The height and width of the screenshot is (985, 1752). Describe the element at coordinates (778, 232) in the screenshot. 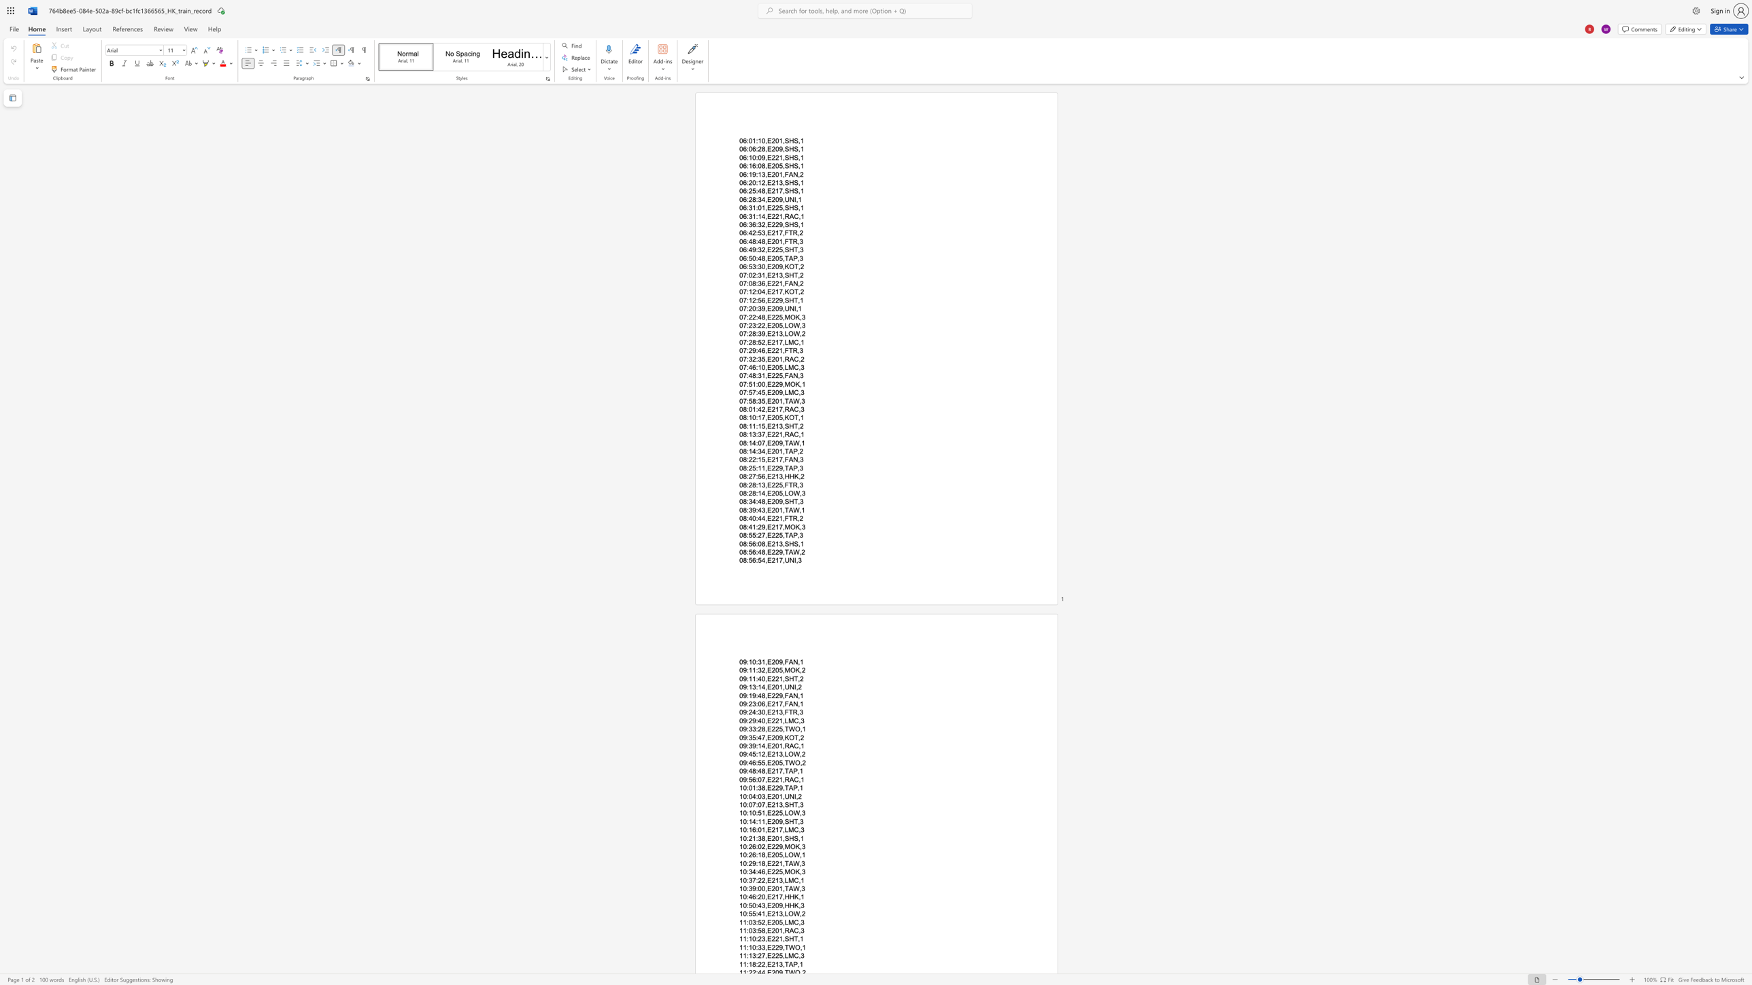

I see `the space between the continuous character "1" and "7" in the text` at that location.